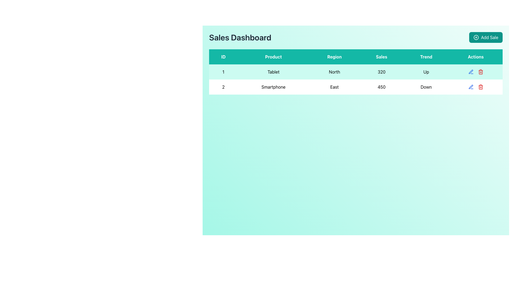 This screenshot has width=518, height=291. What do you see at coordinates (240, 37) in the screenshot?
I see `the text label 'Sales Dashboard' which is prominently positioned at the top left of the section, styled with bold and large font` at bounding box center [240, 37].